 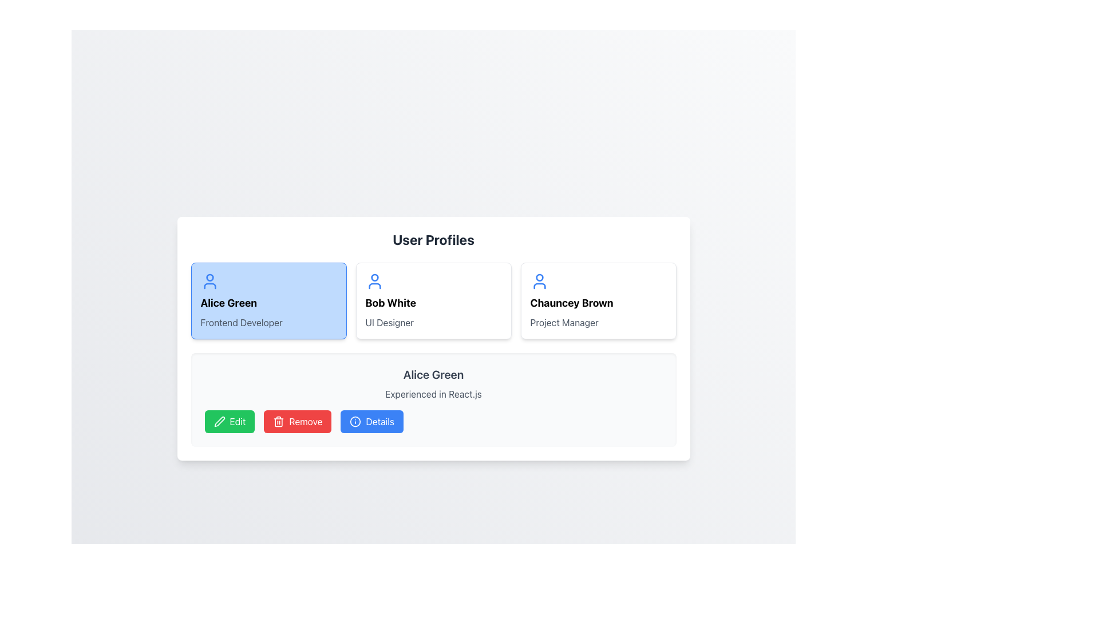 What do you see at coordinates (298, 421) in the screenshot?
I see `the 'Remove' button, which has a white text on a red background and a trash bin icon` at bounding box center [298, 421].